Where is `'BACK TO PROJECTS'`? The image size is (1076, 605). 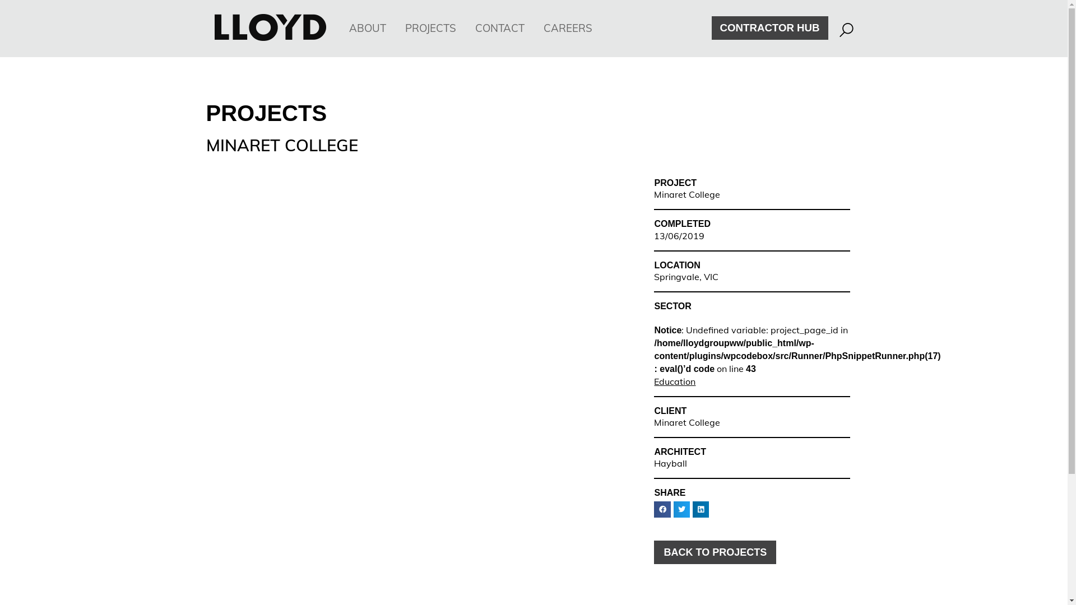 'BACK TO PROJECTS' is located at coordinates (715, 552).